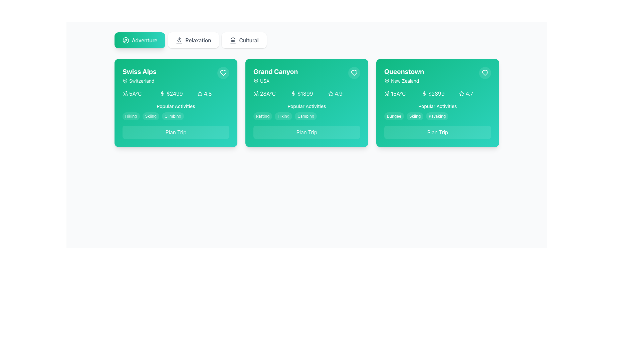  I want to click on text label displaying the country associated with the card titled 'Queenstown', located in the upper section of the rightmost card, so click(404, 81).